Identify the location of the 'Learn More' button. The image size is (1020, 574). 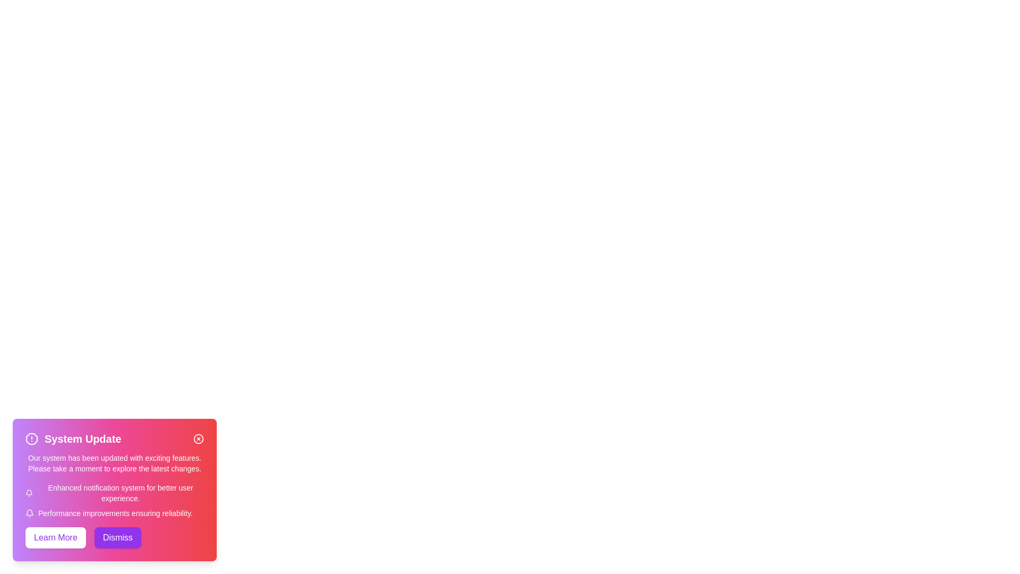
(55, 537).